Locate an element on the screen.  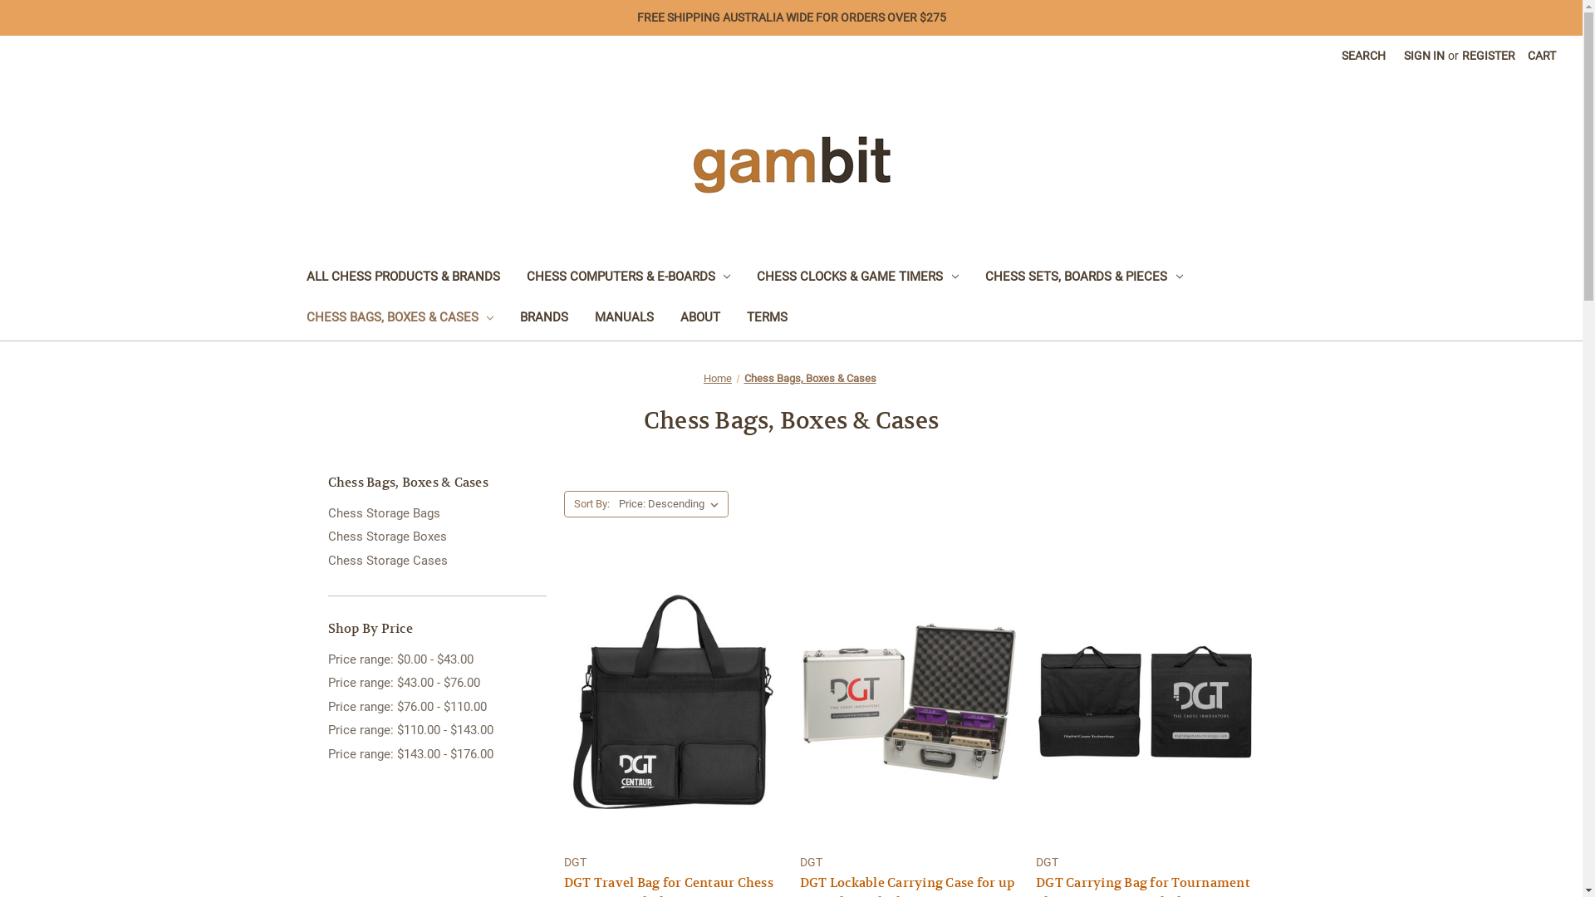
'SEARCH' is located at coordinates (1363, 55).